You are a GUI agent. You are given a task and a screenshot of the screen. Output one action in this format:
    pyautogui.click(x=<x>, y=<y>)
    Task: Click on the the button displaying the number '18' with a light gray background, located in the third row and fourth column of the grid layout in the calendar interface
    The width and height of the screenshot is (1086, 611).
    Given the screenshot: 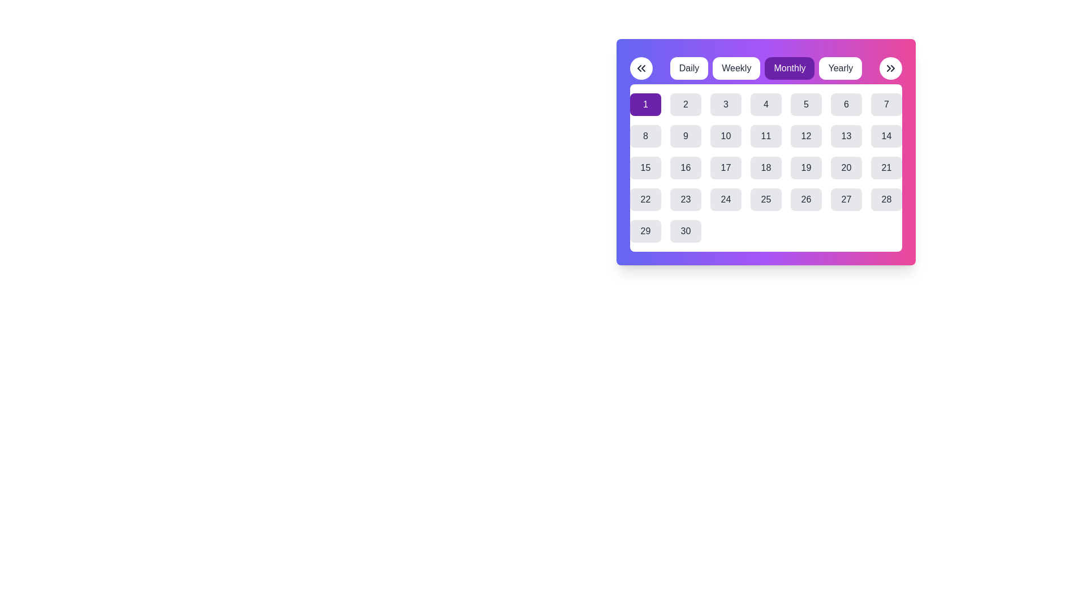 What is the action you would take?
    pyautogui.click(x=766, y=168)
    